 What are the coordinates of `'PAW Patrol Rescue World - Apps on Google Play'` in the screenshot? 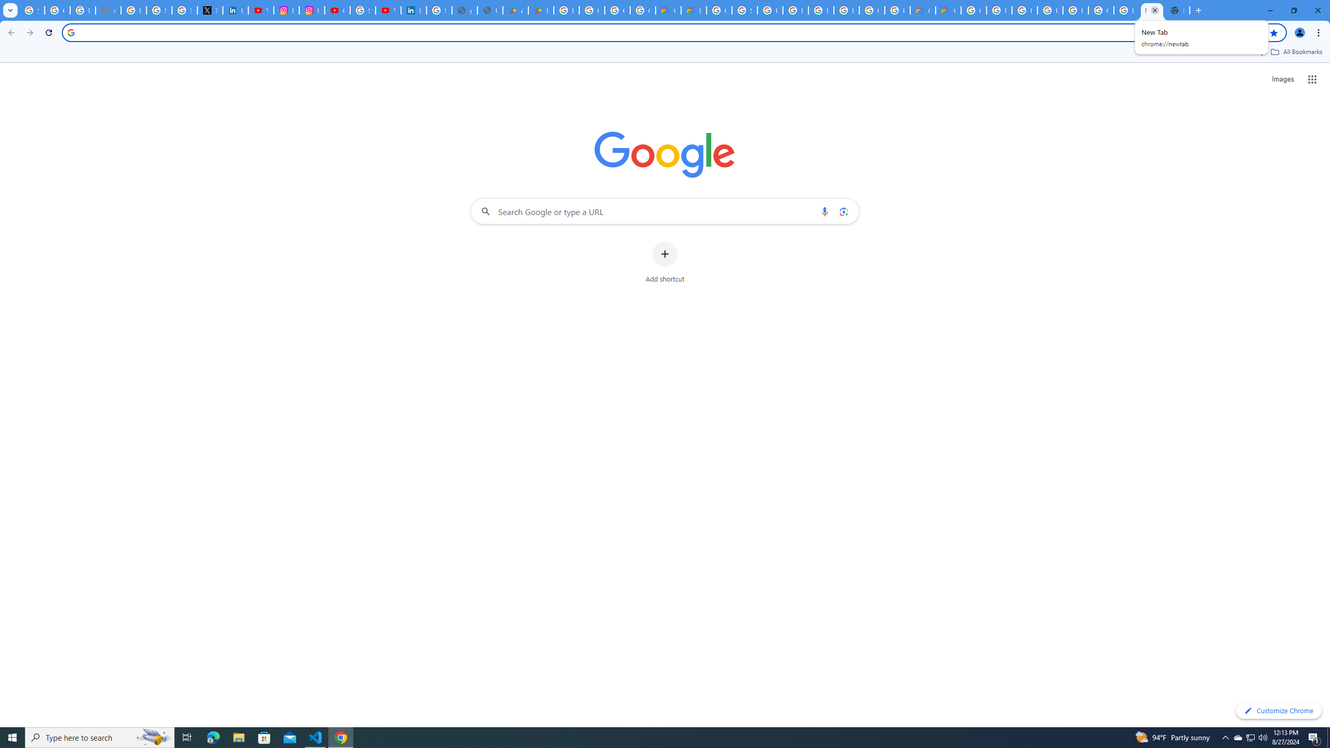 It's located at (540, 10).